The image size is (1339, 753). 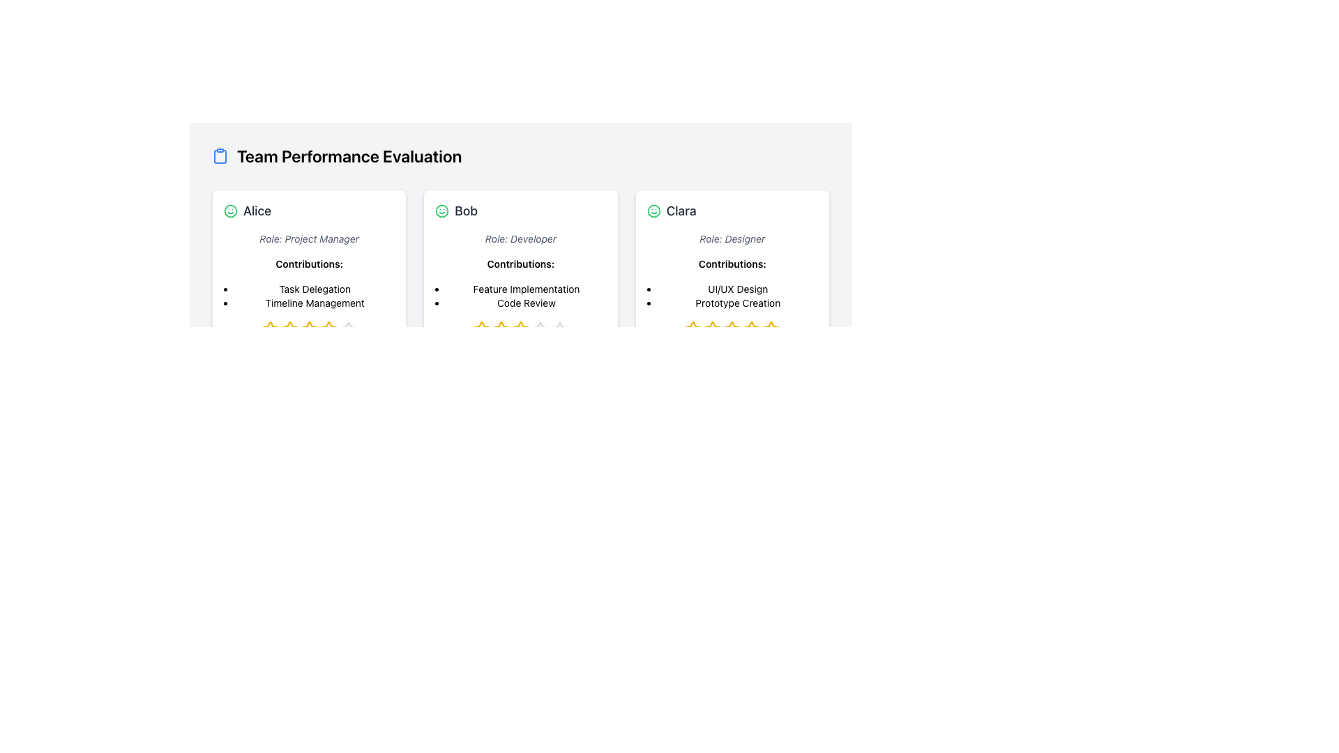 I want to click on text content of the section header that categorizes the following information related to contributions, located under 'Role: Project Manager' and above a bullet list of contributions for 'Alice', so click(x=308, y=264).